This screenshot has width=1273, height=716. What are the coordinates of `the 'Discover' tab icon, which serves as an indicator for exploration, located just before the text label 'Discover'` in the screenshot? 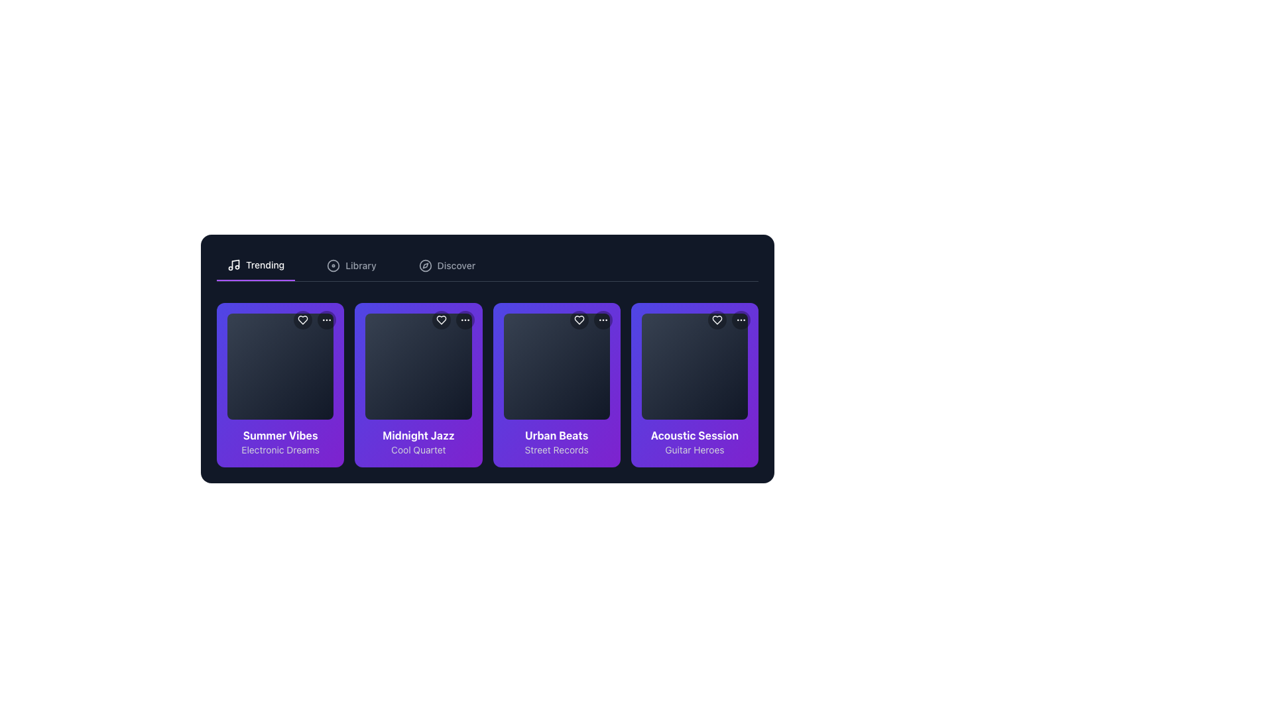 It's located at (425, 266).